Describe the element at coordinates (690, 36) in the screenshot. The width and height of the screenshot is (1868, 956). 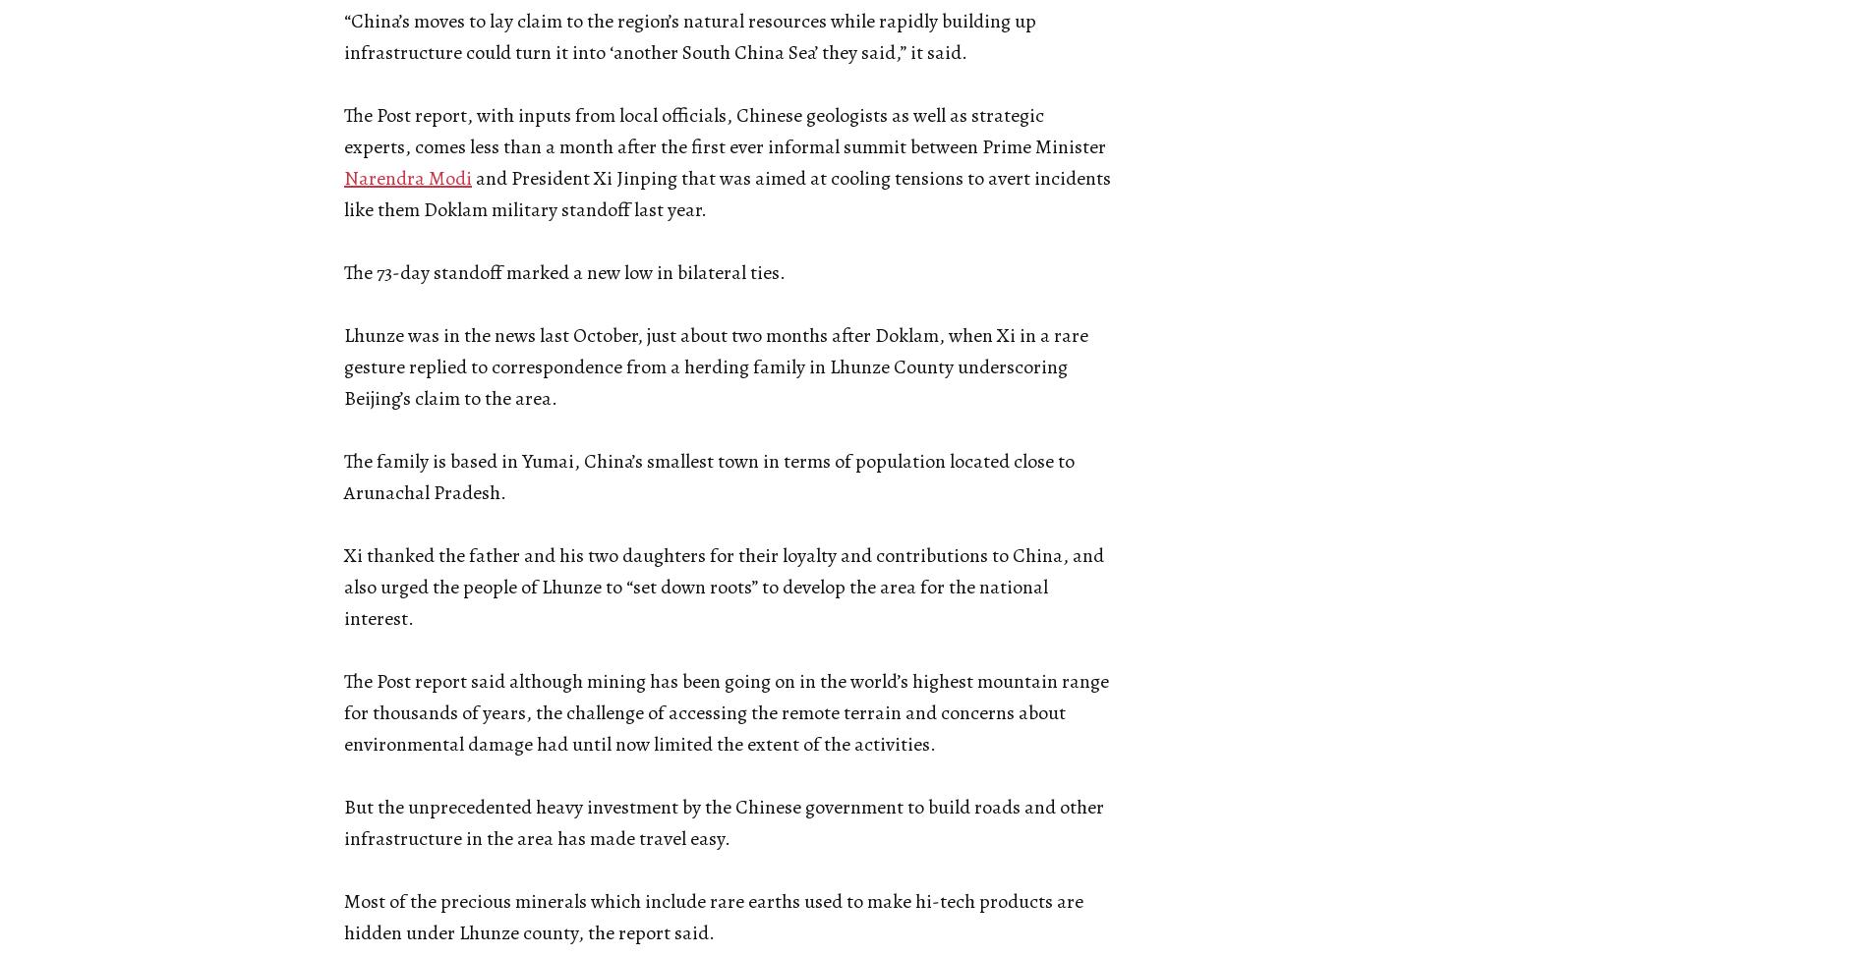
I see `'“China’s moves to lay claim to the region’s natural resources while rapidly building up infrastructure could turn it into ‘another South China Sea’ they said,” it said.'` at that location.